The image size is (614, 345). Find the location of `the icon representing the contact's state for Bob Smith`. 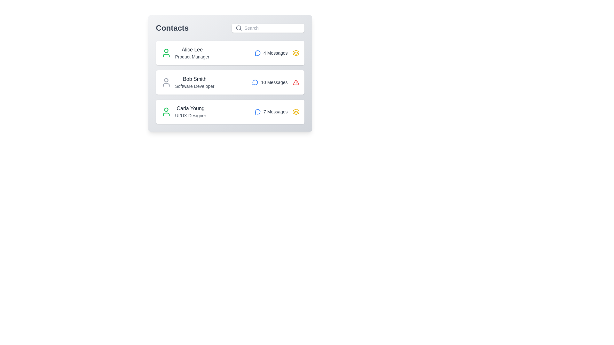

the icon representing the contact's state for Bob Smith is located at coordinates (295, 82).